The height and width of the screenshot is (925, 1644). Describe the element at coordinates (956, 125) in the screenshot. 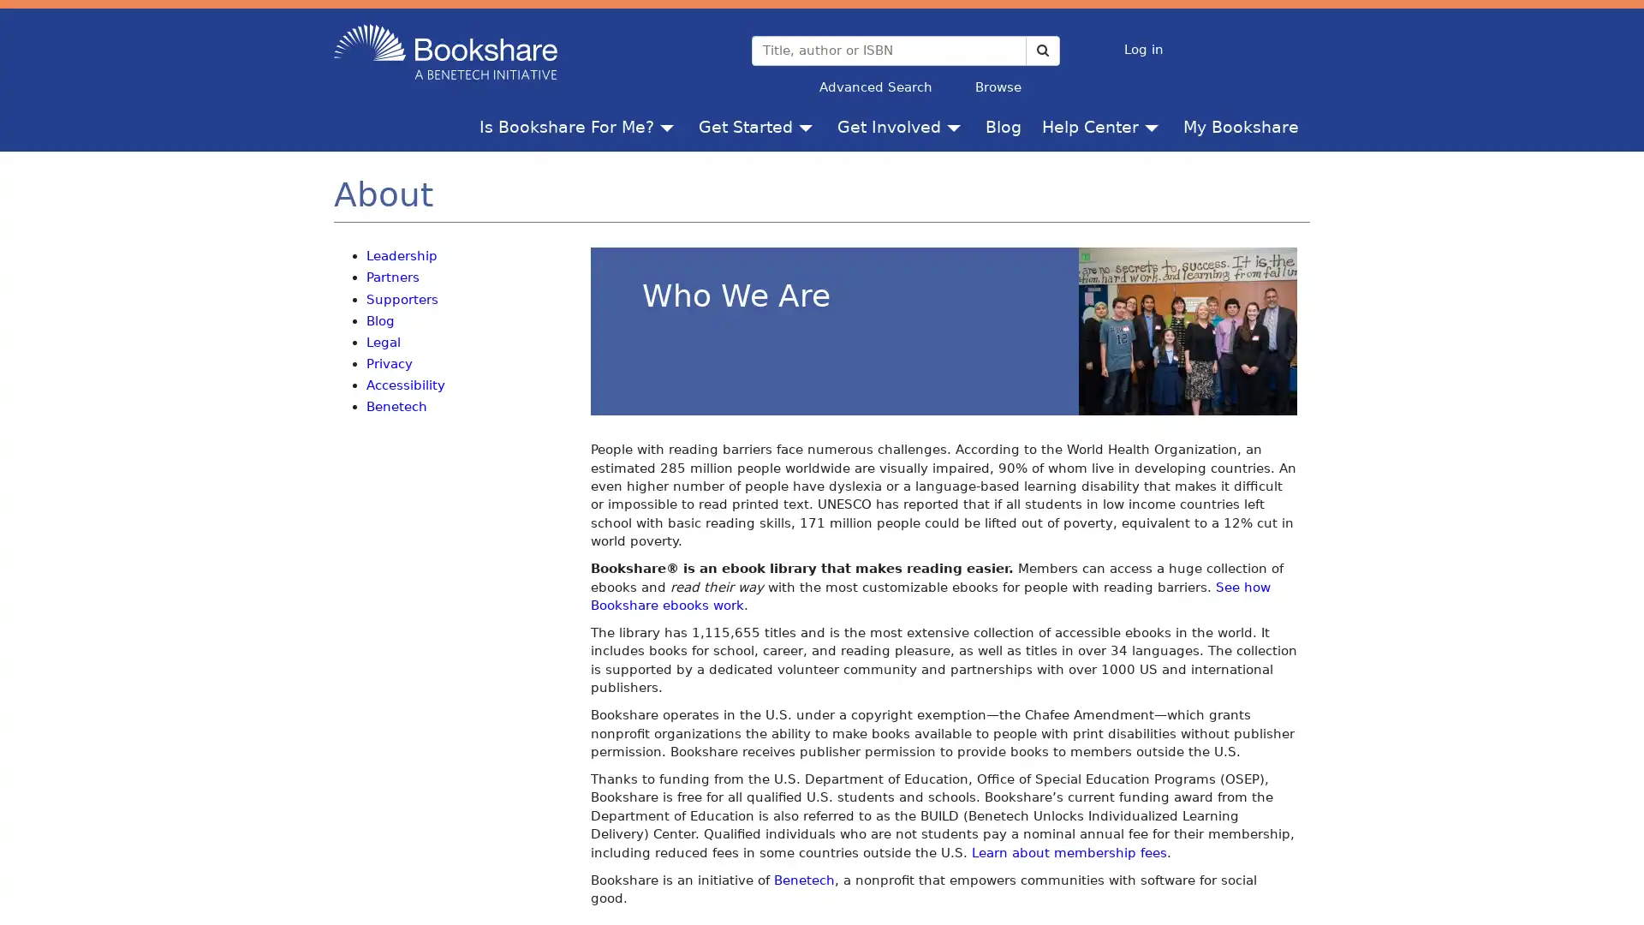

I see `Get Involved menu` at that location.